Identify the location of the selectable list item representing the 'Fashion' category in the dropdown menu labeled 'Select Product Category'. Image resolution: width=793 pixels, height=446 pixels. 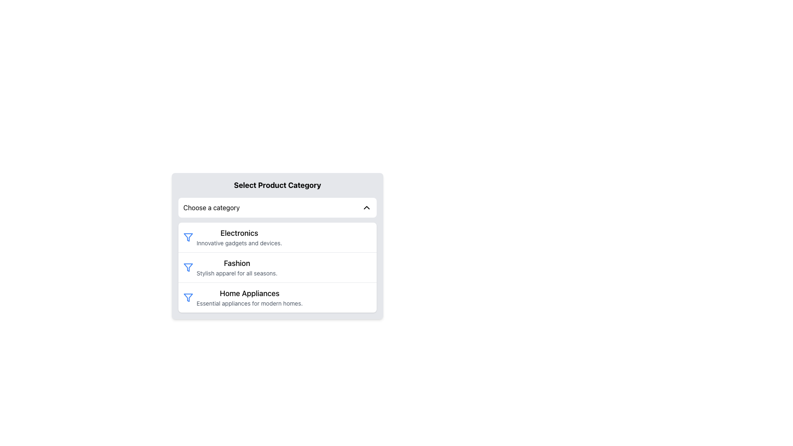
(278, 268).